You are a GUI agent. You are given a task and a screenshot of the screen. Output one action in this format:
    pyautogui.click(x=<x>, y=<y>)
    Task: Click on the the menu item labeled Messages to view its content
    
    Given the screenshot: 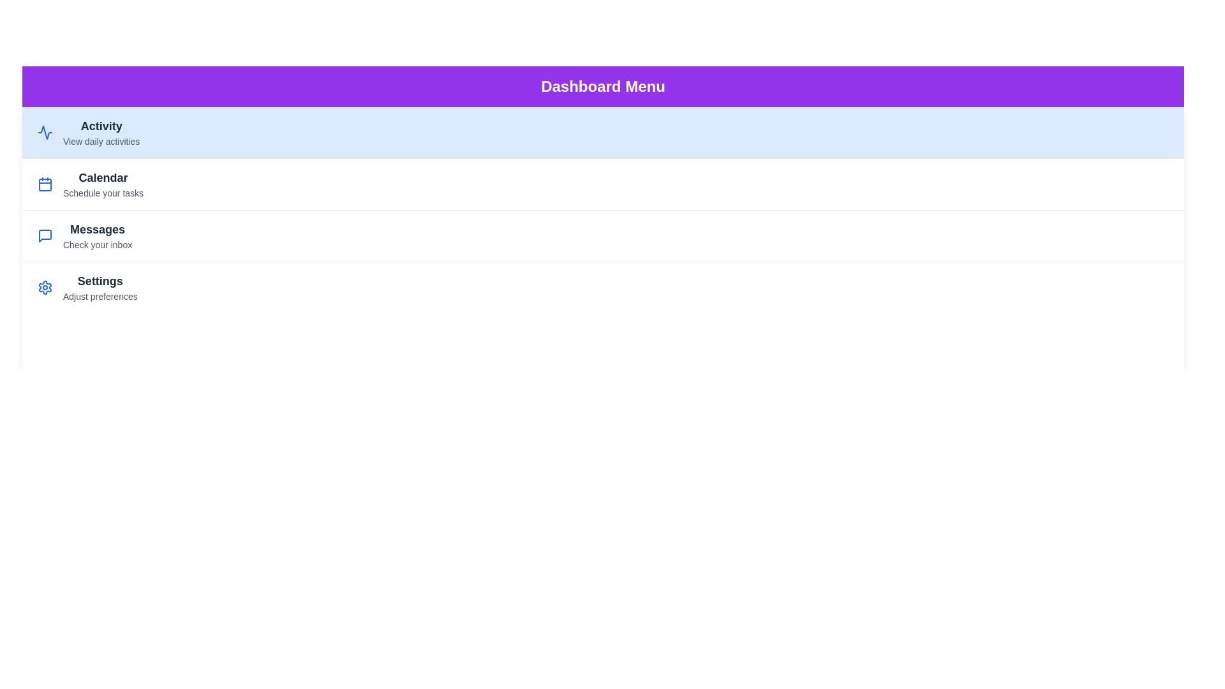 What is the action you would take?
    pyautogui.click(x=602, y=235)
    